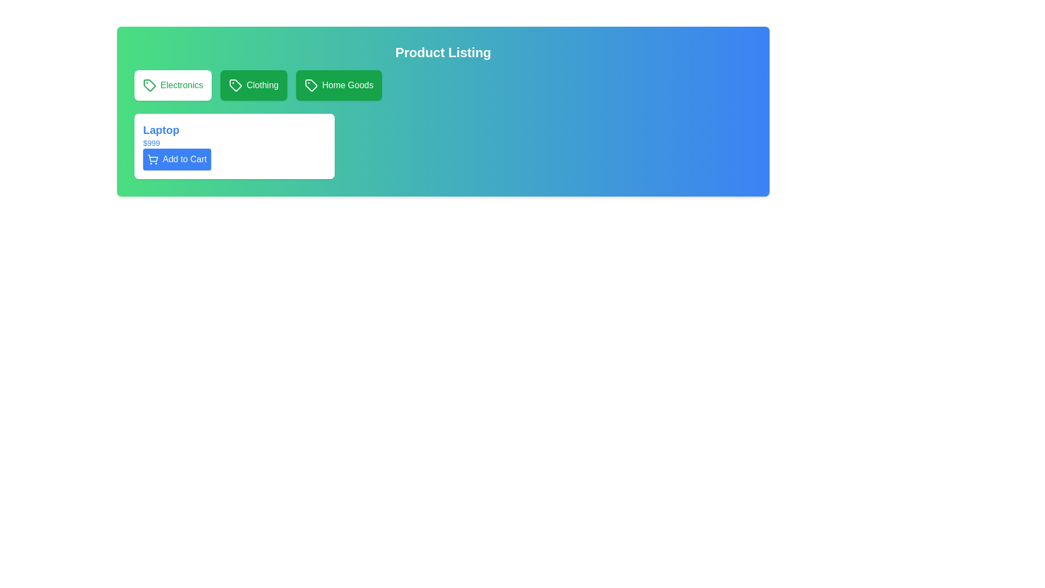  I want to click on the 'Add to Cart' text label within the button, so click(185, 160).